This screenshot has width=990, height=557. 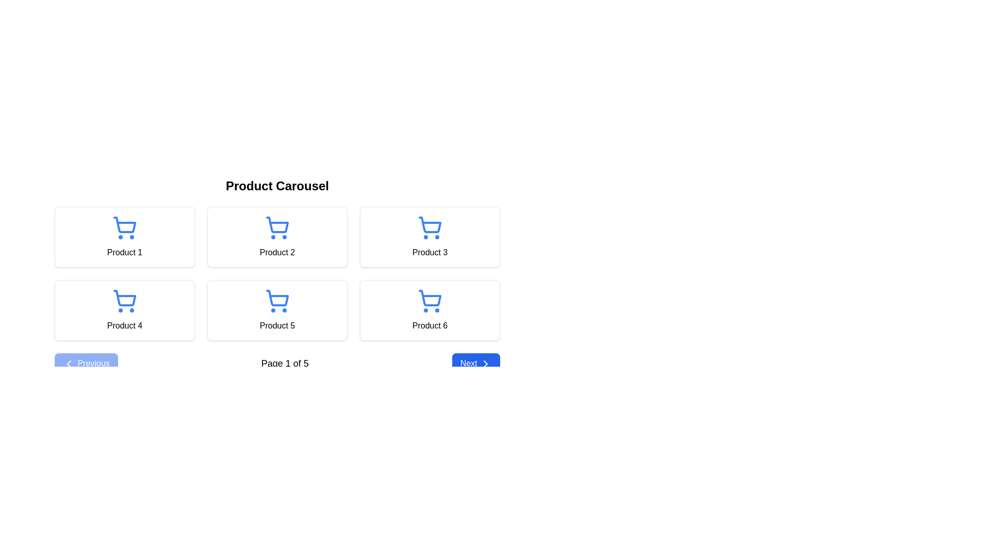 What do you see at coordinates (485, 363) in the screenshot?
I see `the rightward-pointing chevron icon that indicates the 'Next' action in the pagination control located at the bottom-right corner of the interface` at bounding box center [485, 363].